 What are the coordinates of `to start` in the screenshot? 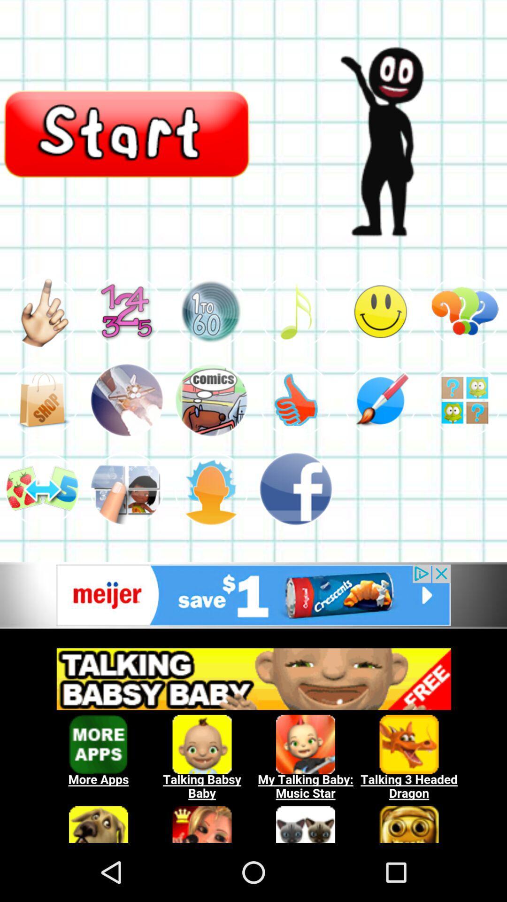 It's located at (380, 311).